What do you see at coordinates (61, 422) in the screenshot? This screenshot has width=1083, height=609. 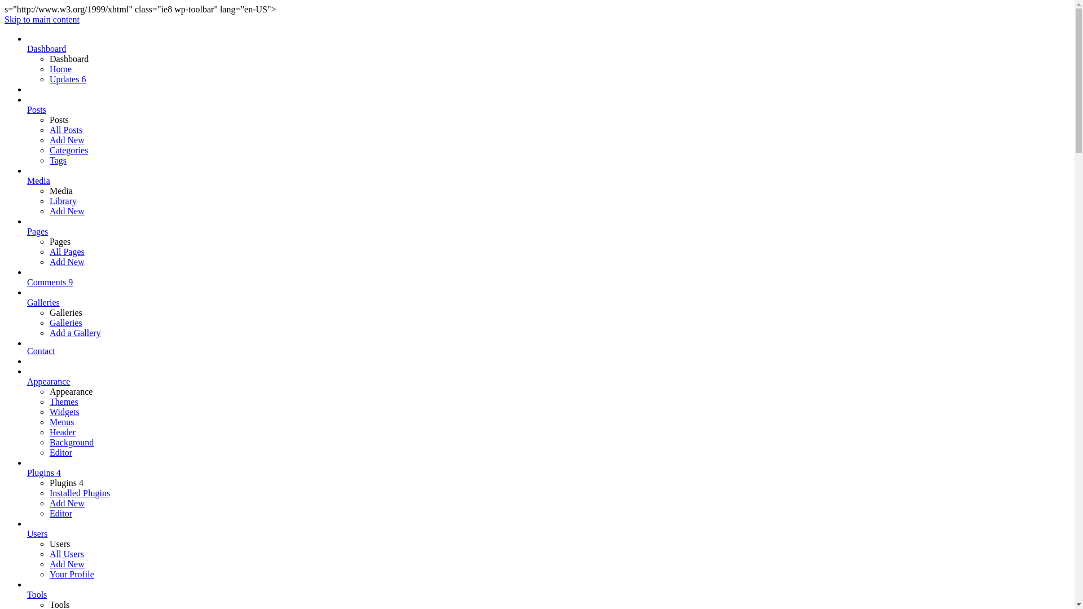 I see `'Menus'` at bounding box center [61, 422].